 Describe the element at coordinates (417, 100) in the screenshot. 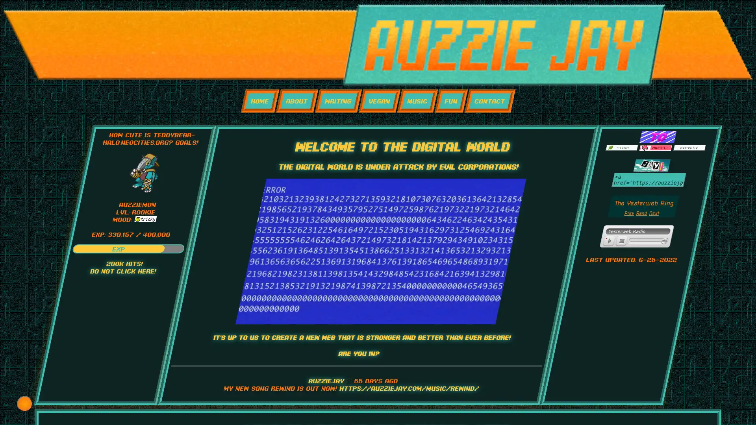

I see `MUSIC` at that location.